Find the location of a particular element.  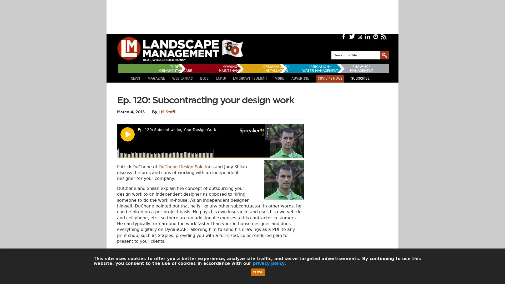

Close is located at coordinates (257, 272).